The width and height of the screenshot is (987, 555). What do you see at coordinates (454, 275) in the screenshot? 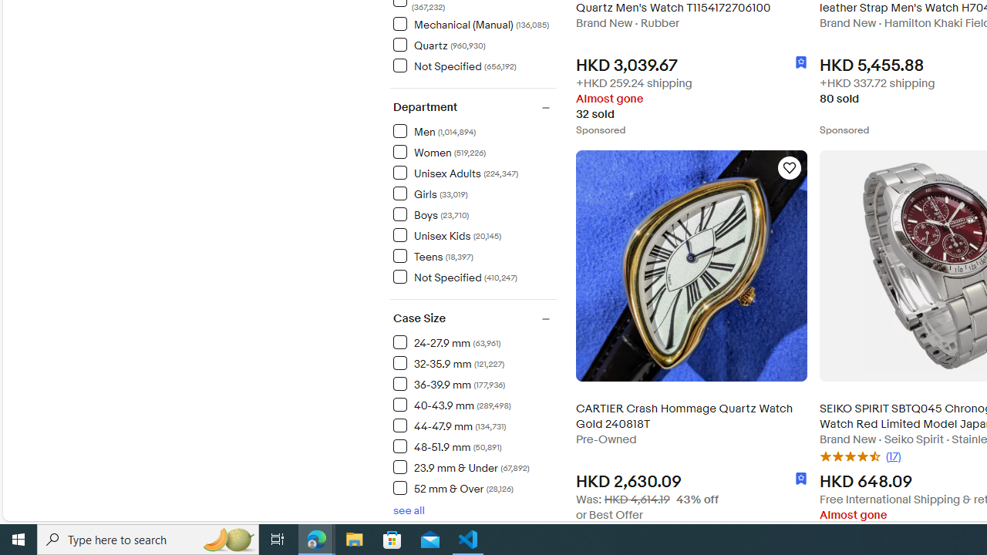
I see `'Not Specified (410,247) Items'` at bounding box center [454, 275].